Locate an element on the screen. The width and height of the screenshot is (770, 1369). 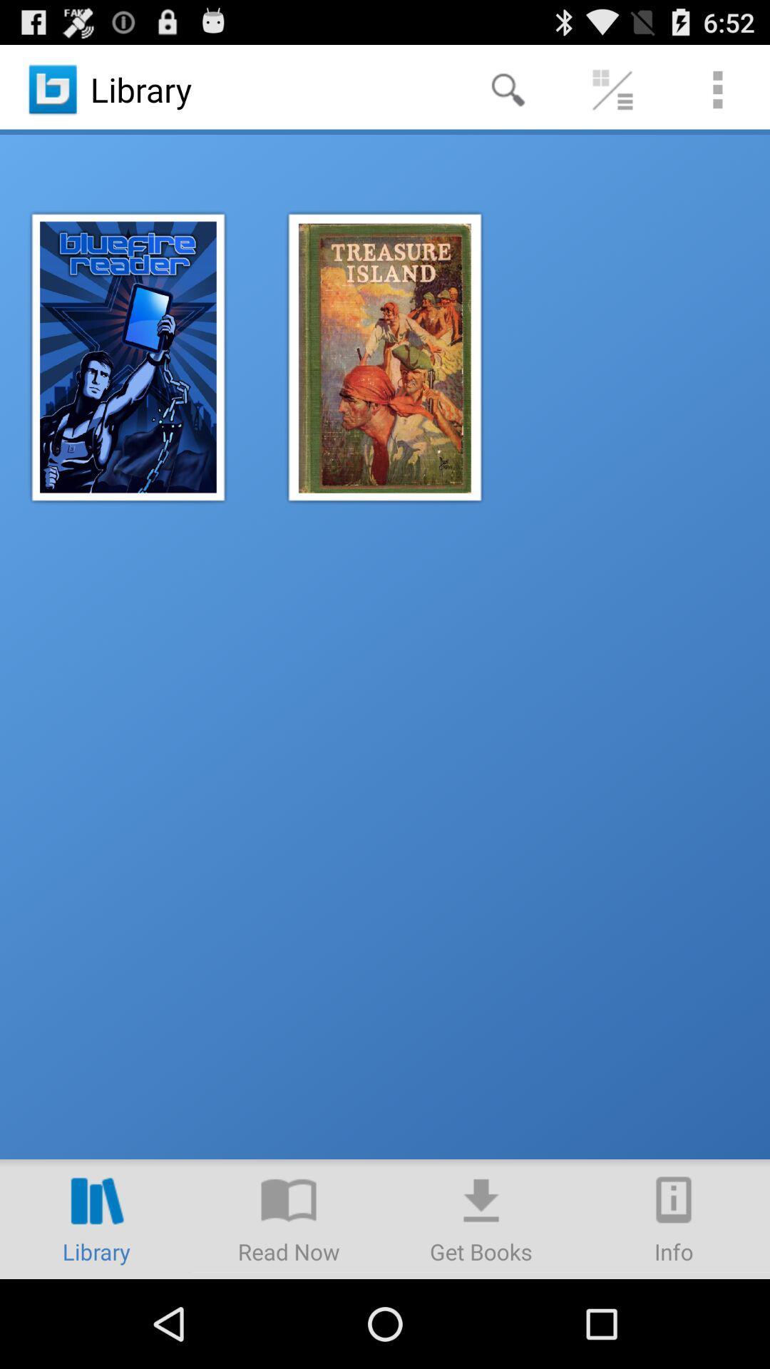
item at the bottom right corner is located at coordinates (674, 1218).